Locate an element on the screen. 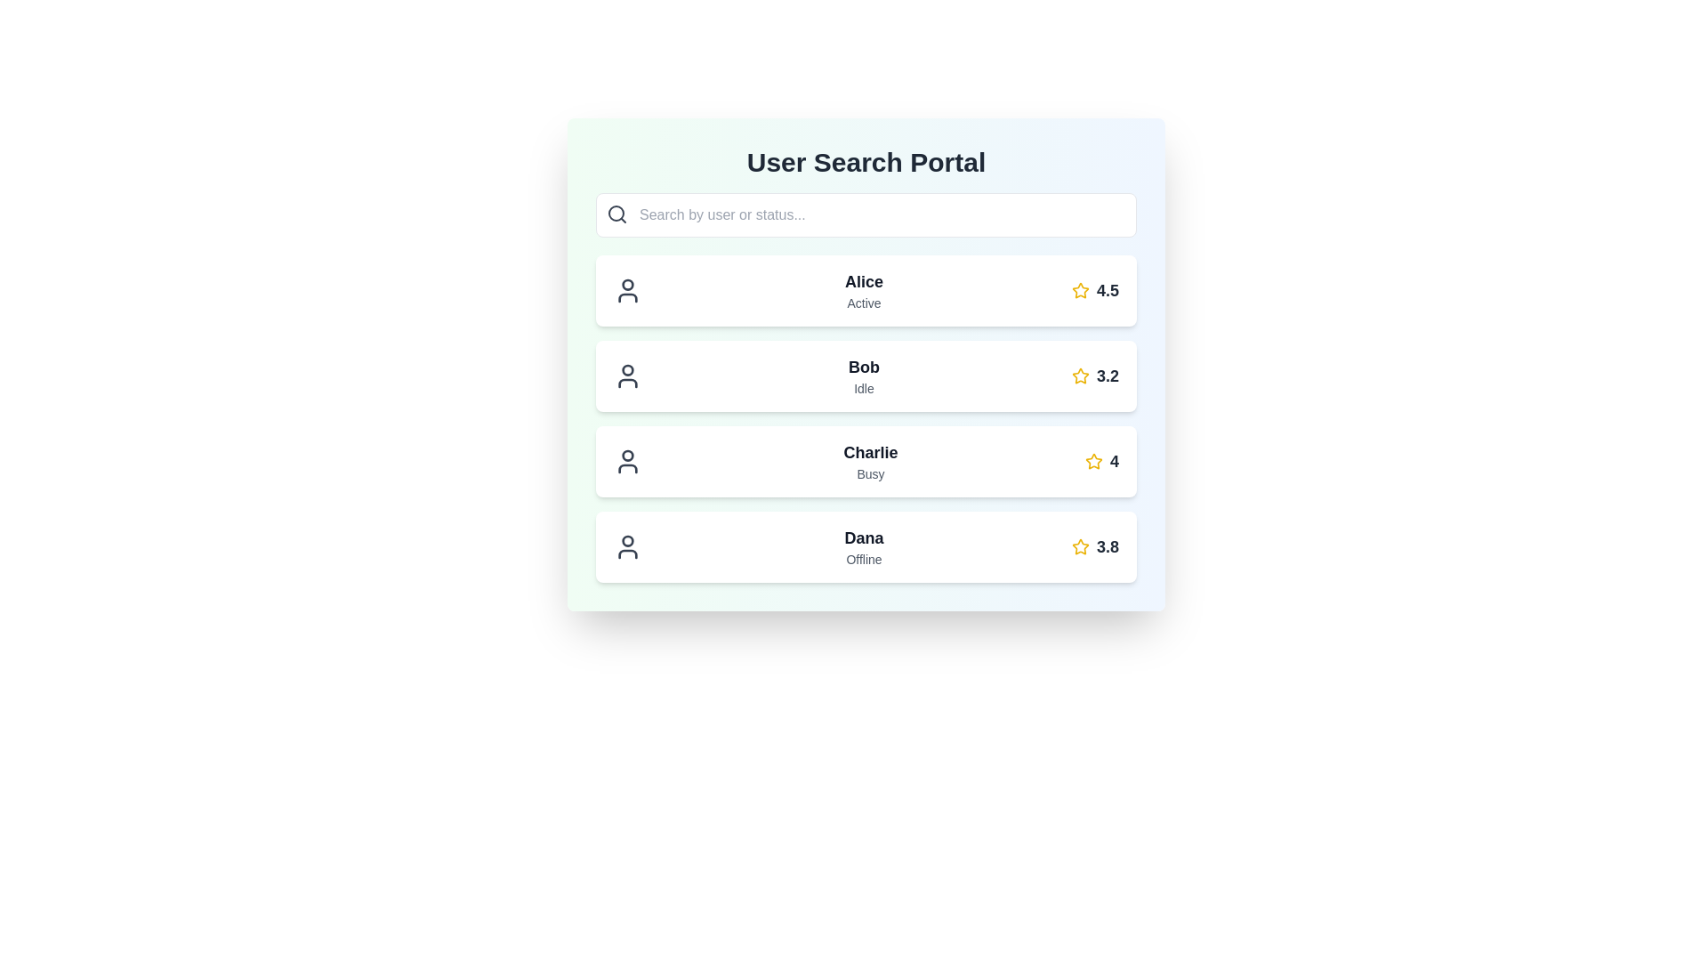 This screenshot has width=1708, height=961. label 'Alice' which is styled in bold and is the primary label within the user card at the top of the list is located at coordinates (864, 280).